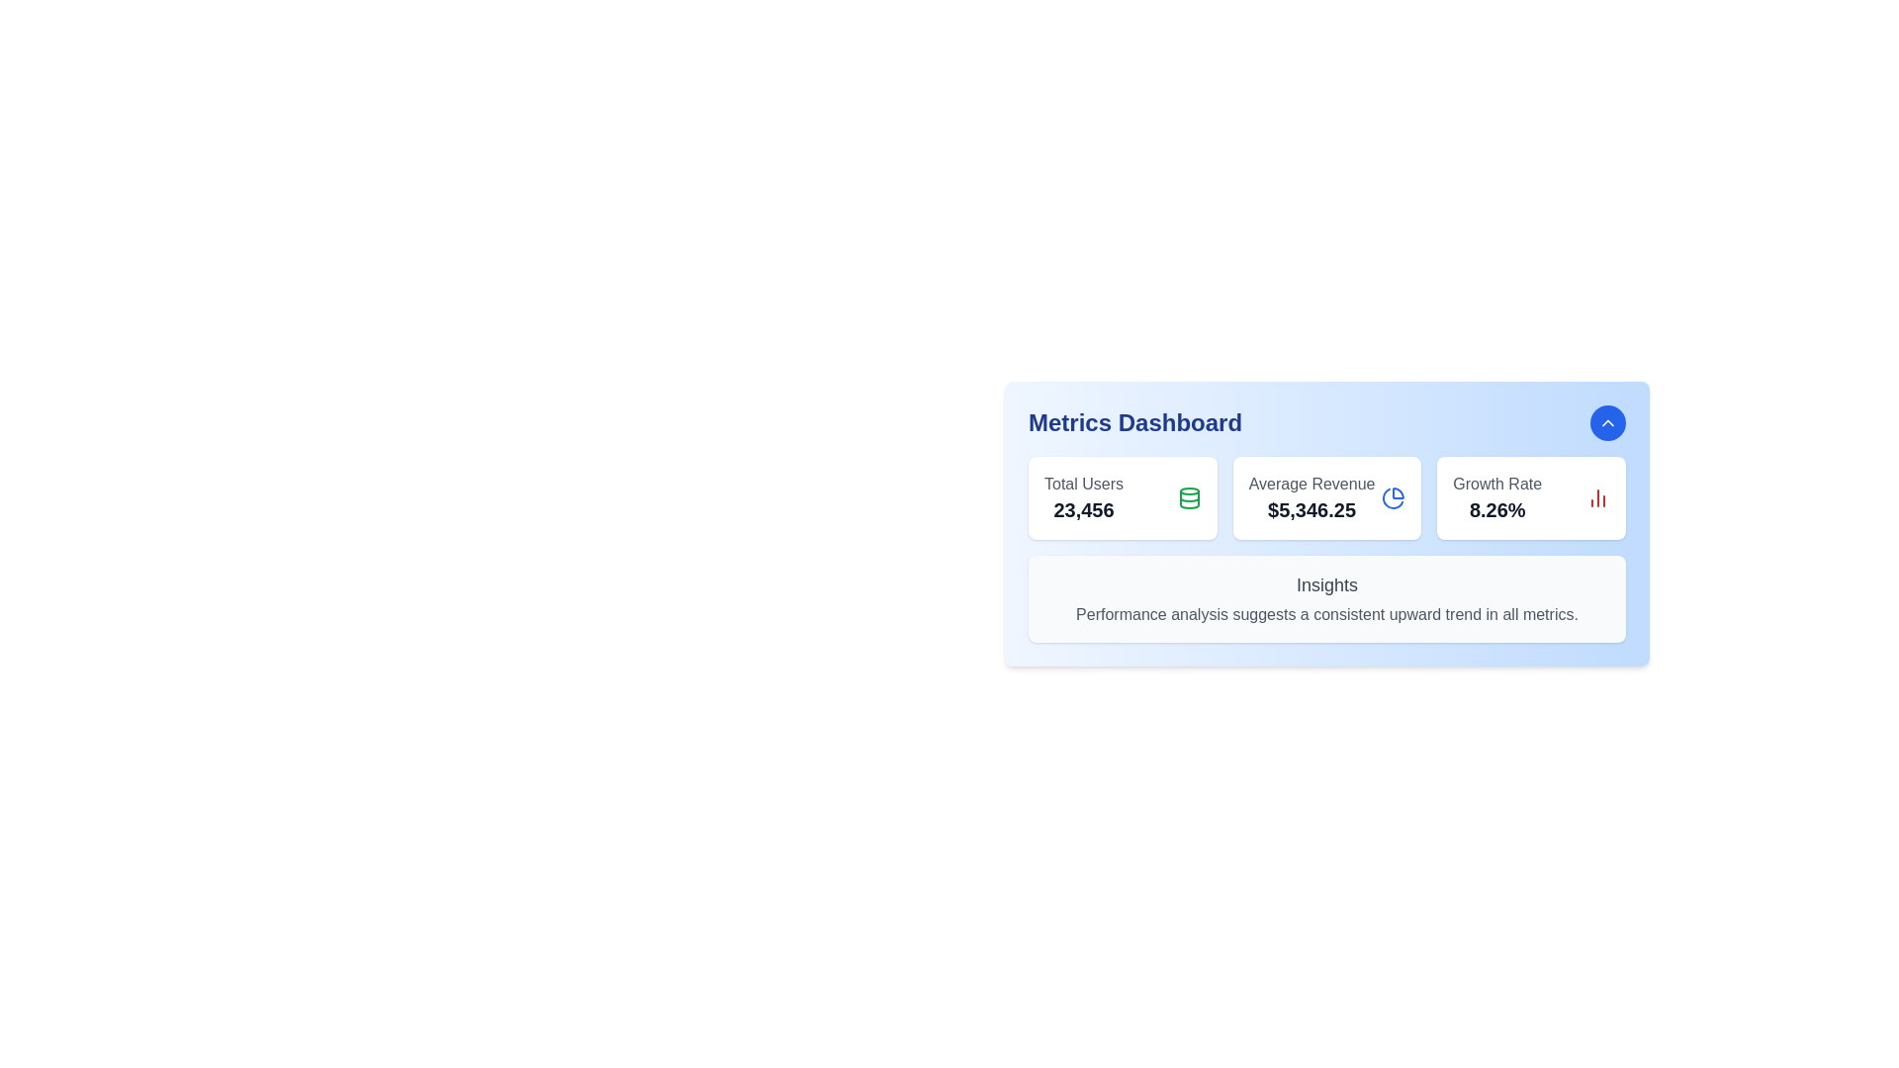  What do you see at coordinates (1497, 509) in the screenshot?
I see `percentage value displayed in the Text element located in the bottom section of the 'Growth Rate' card on the dashboard` at bounding box center [1497, 509].